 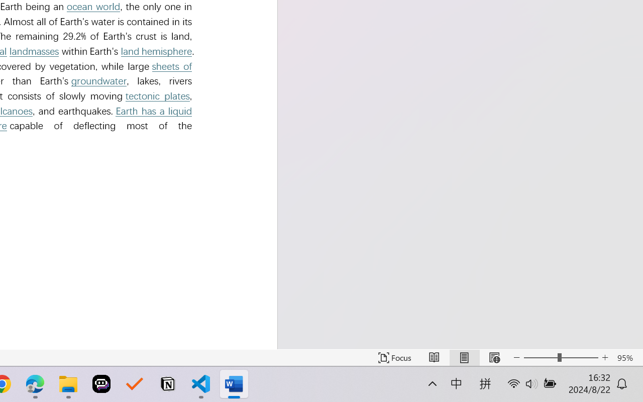 What do you see at coordinates (157, 95) in the screenshot?
I see `'tectonic plates'` at bounding box center [157, 95].